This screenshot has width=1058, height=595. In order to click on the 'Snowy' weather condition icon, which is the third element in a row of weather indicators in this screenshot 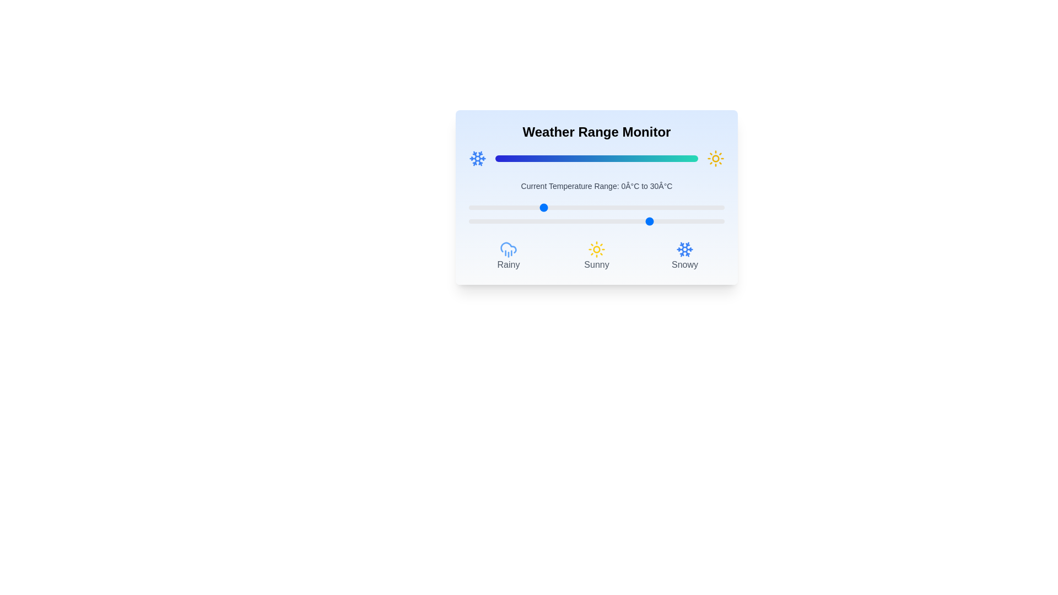, I will do `click(684, 256)`.